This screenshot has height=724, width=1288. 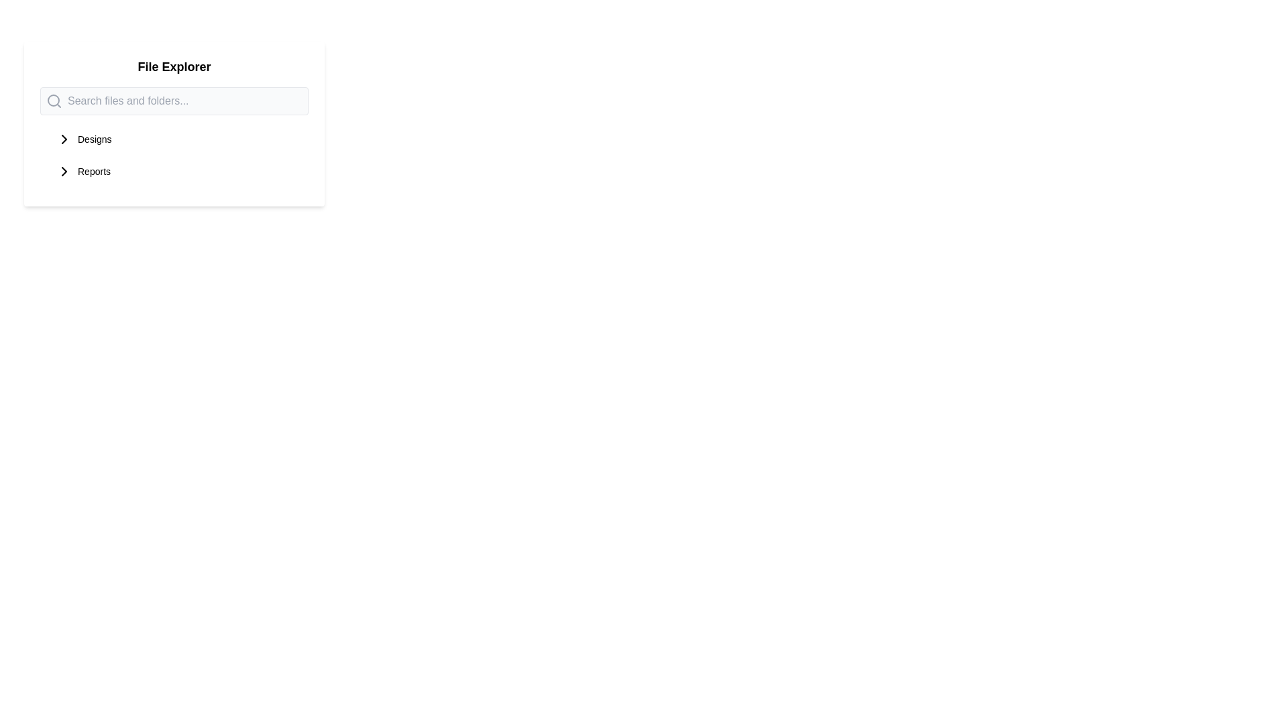 I want to click on the right-pointing chevron SVG icon located next to the 'Designs' label in the top-left section of the interface, so click(x=64, y=139).